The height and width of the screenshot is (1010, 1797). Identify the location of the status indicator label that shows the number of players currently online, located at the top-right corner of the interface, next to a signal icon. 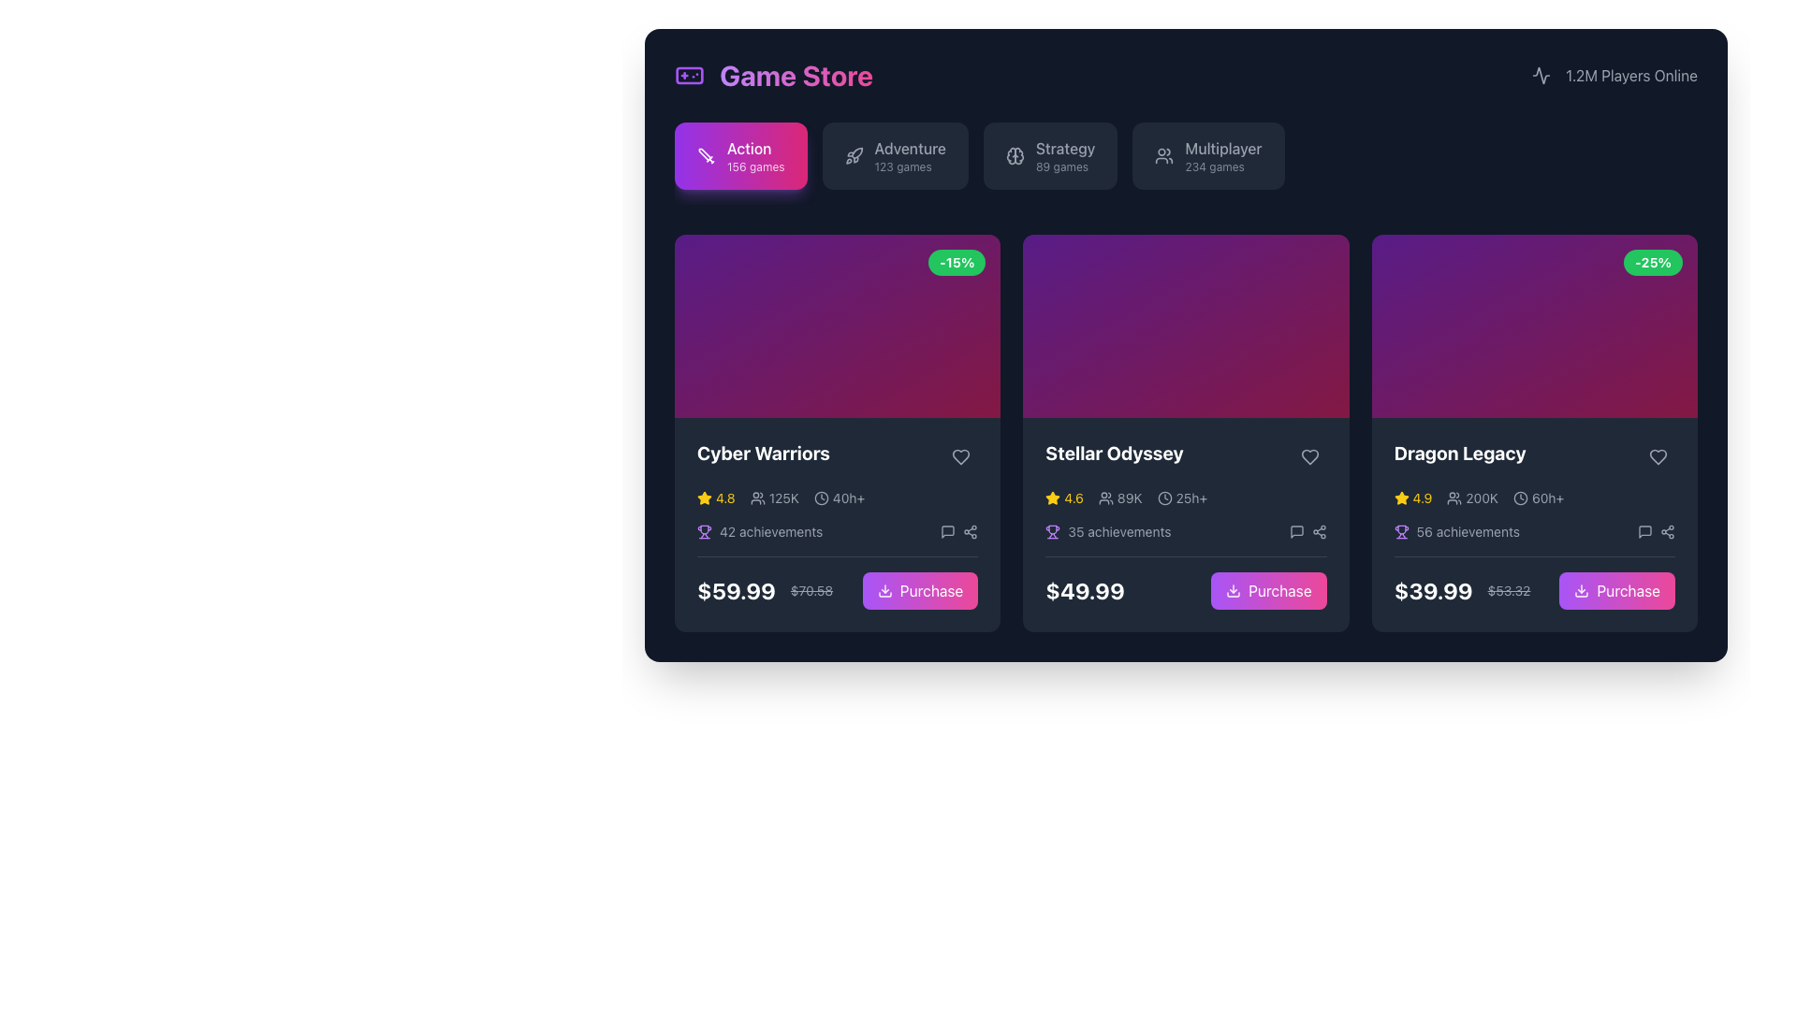
(1630, 75).